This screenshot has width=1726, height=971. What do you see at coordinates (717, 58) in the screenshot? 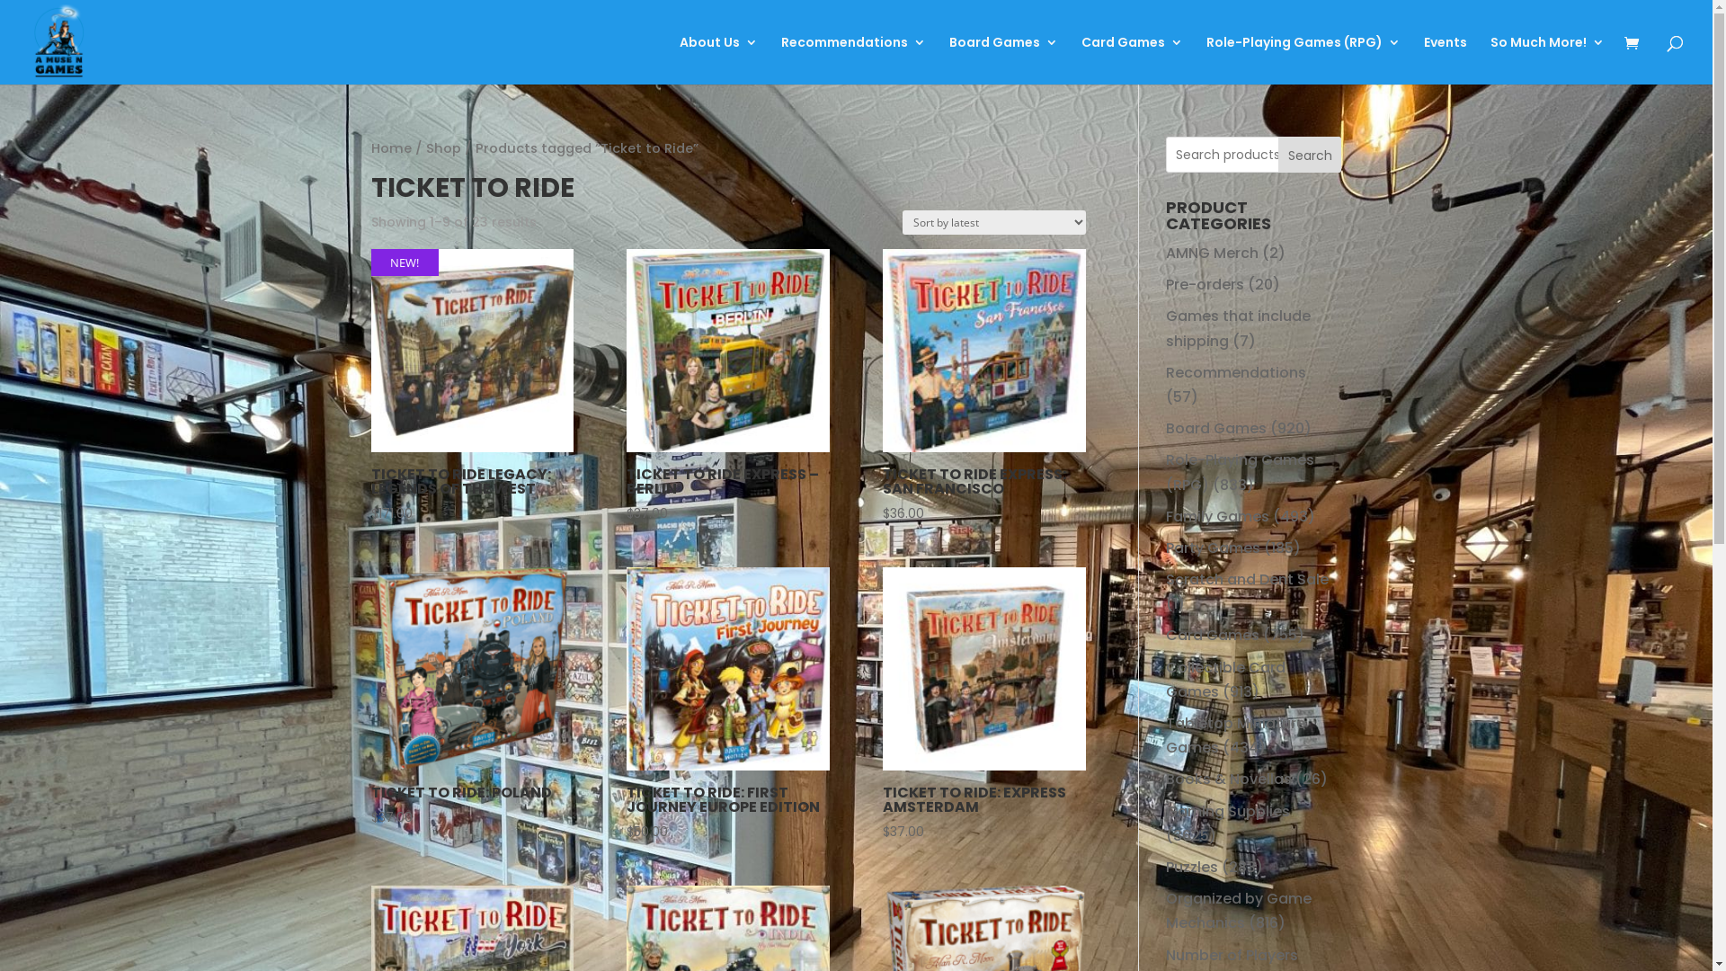
I see `'About Us'` at bounding box center [717, 58].